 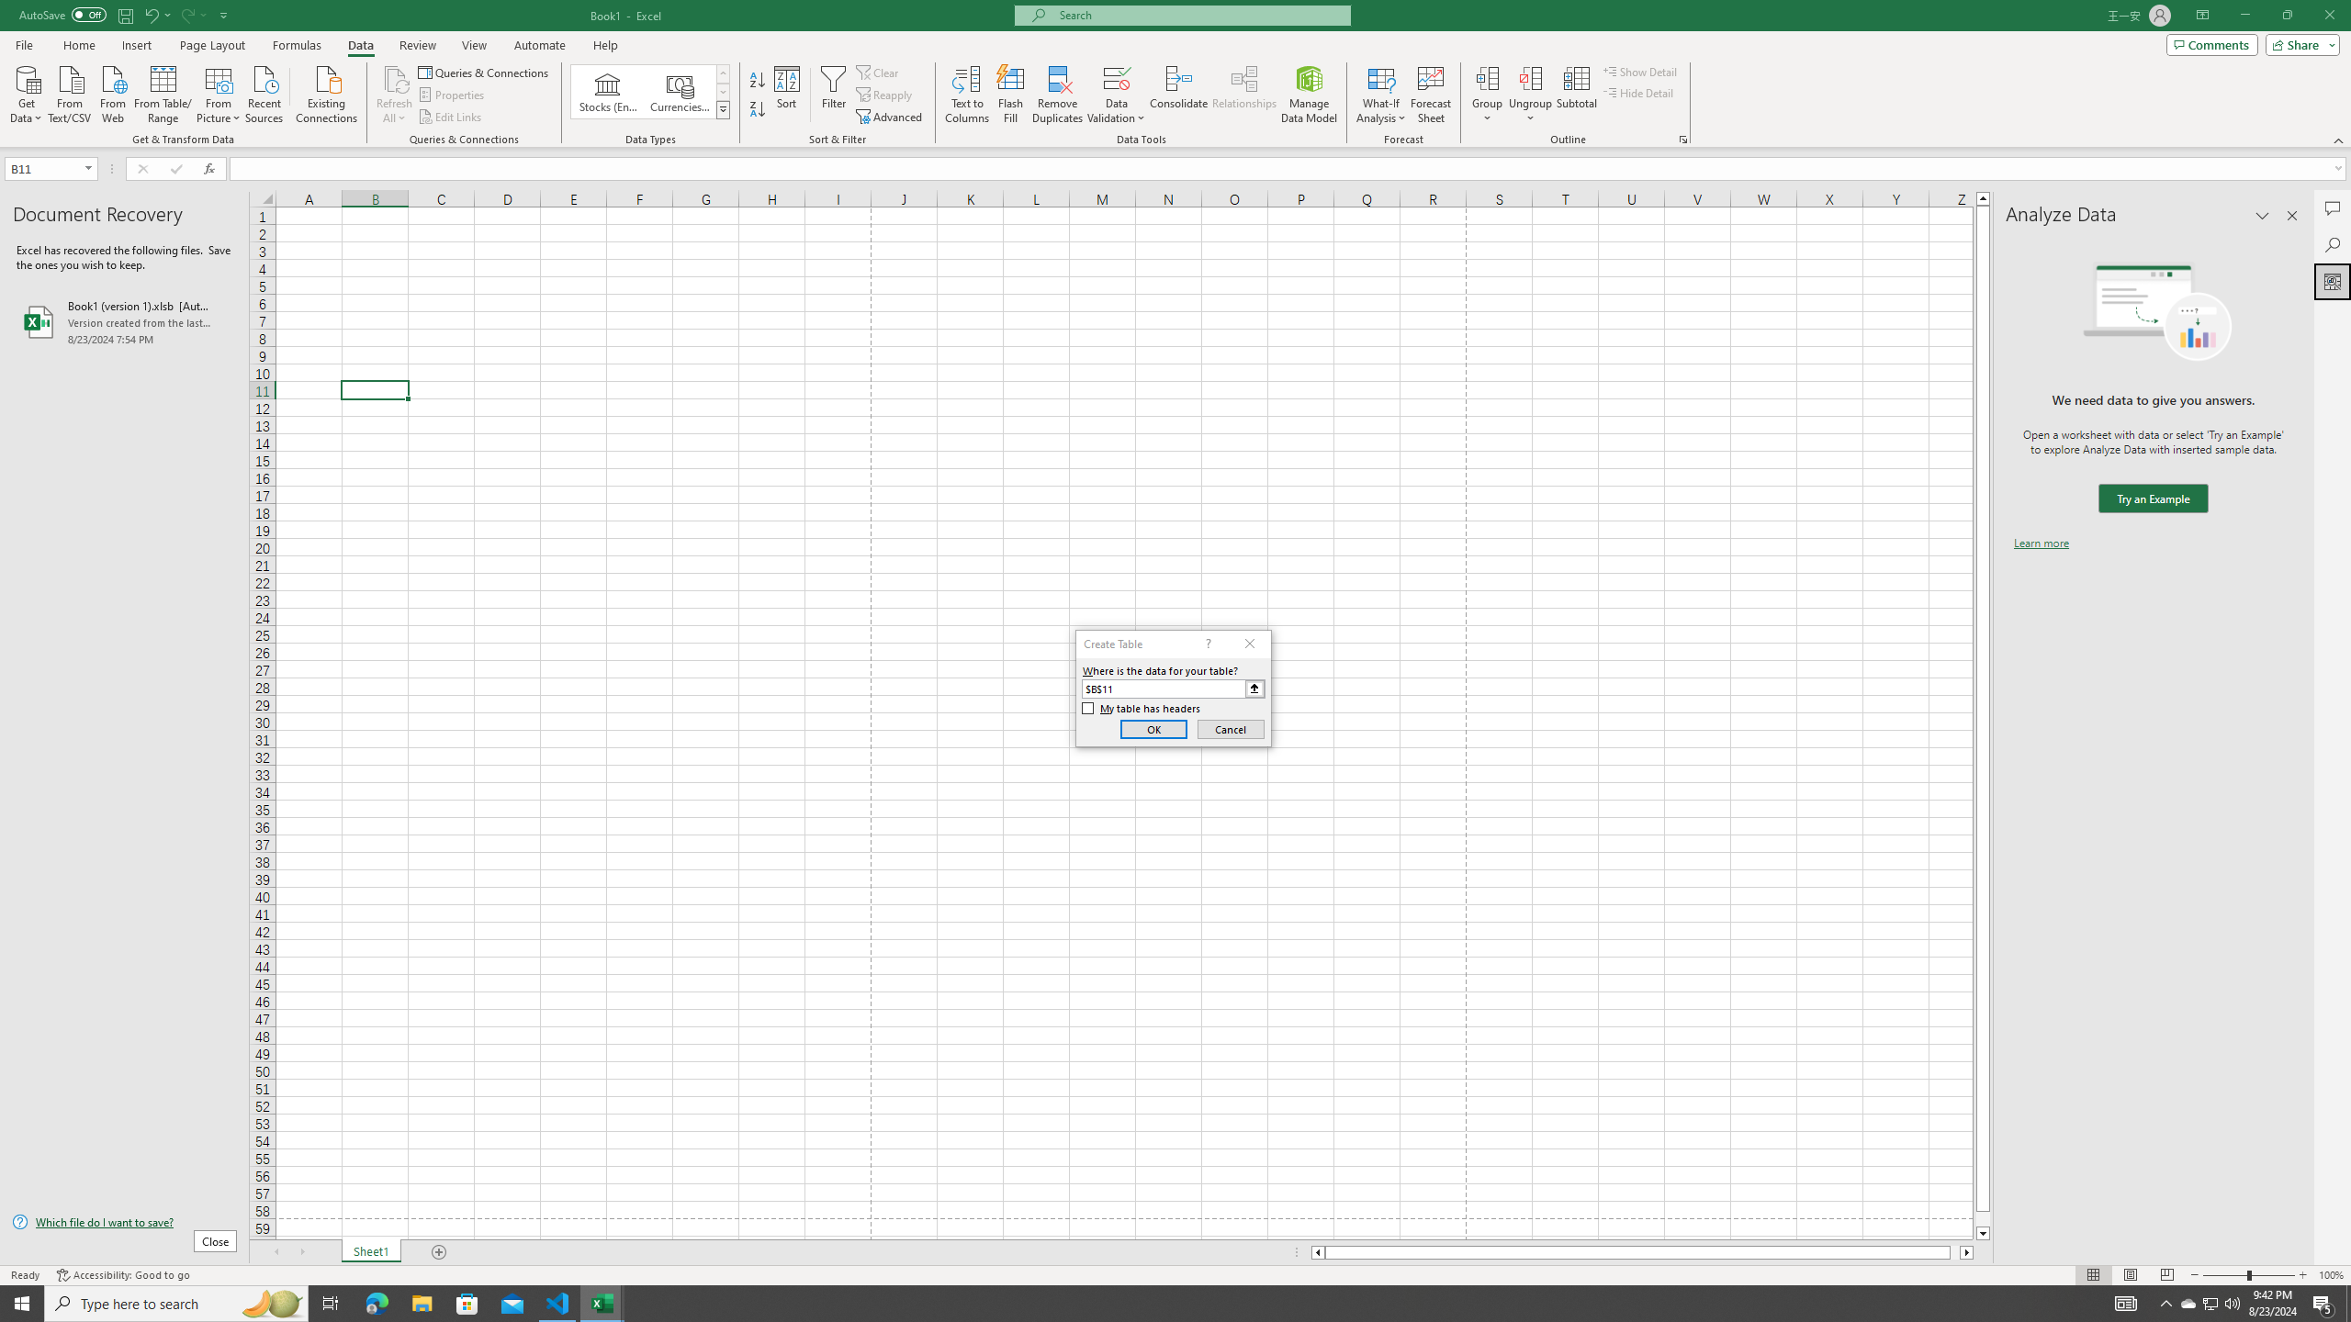 What do you see at coordinates (1308, 95) in the screenshot?
I see `'Manage Data Model'` at bounding box center [1308, 95].